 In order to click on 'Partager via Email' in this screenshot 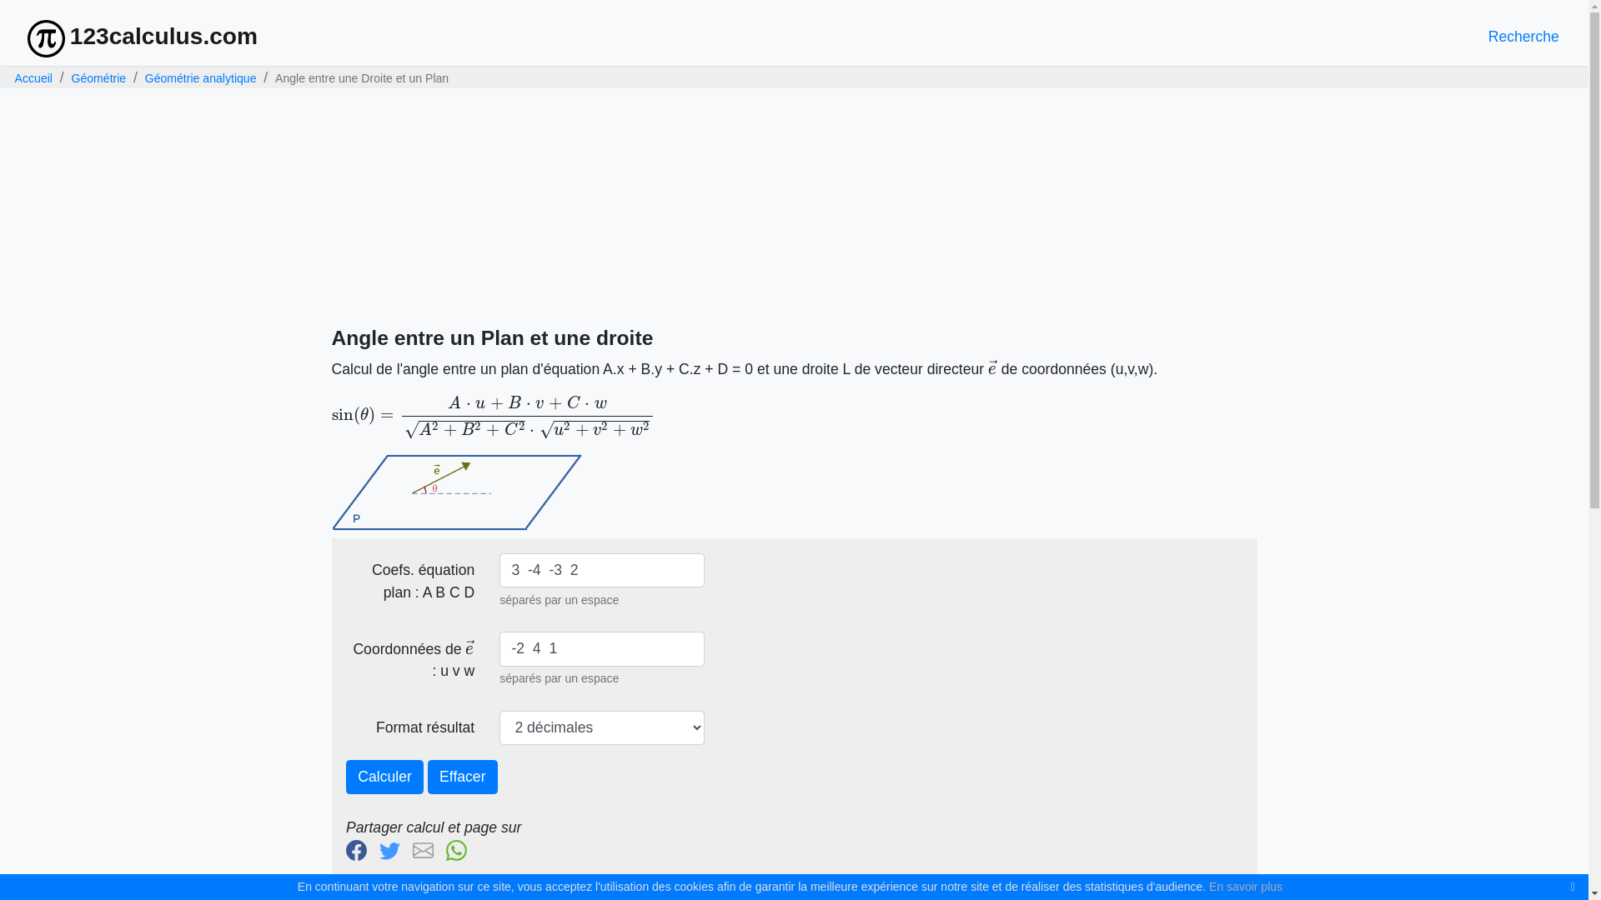, I will do `click(427, 848)`.